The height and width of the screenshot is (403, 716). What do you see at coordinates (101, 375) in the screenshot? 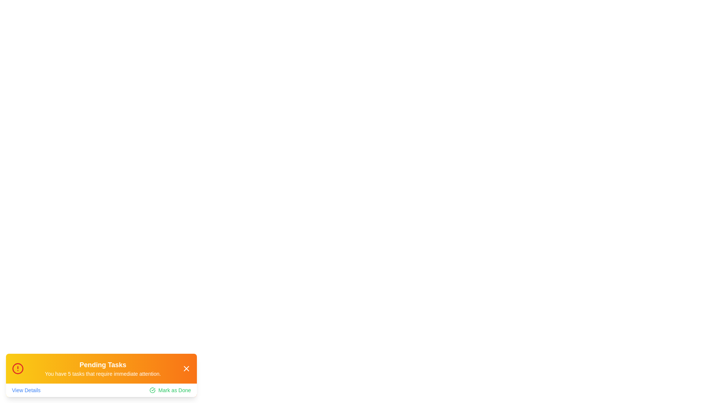
I see `the Pending Tasks Alert component` at bounding box center [101, 375].